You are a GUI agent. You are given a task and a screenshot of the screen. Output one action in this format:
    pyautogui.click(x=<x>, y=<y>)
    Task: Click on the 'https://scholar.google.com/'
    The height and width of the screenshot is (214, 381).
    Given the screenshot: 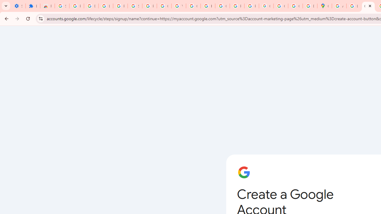 What is the action you would take?
    pyautogui.click(x=208, y=6)
    